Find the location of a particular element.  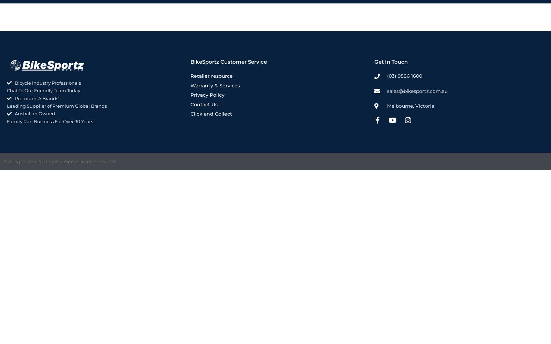

'Click and Collect' is located at coordinates (211, 113).